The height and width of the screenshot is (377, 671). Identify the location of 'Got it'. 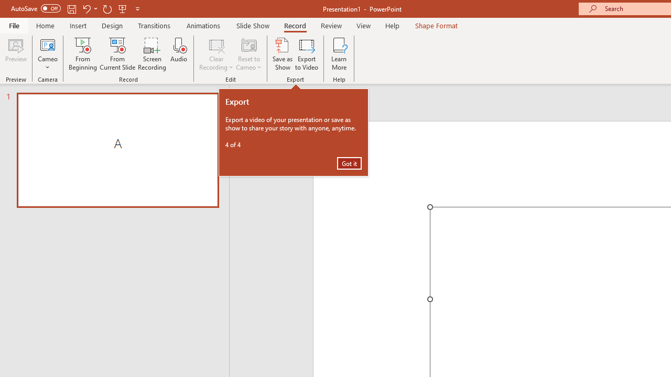
(349, 163).